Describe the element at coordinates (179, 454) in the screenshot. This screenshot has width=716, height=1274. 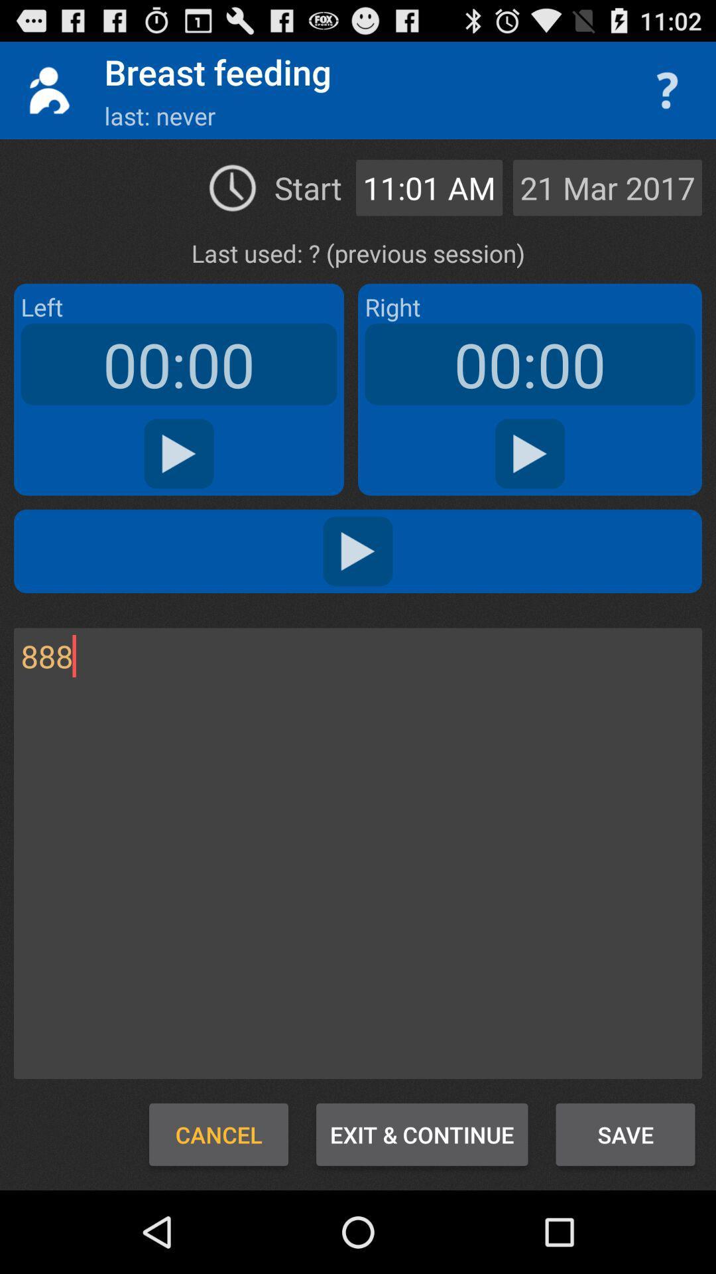
I see `start left countdown` at that location.